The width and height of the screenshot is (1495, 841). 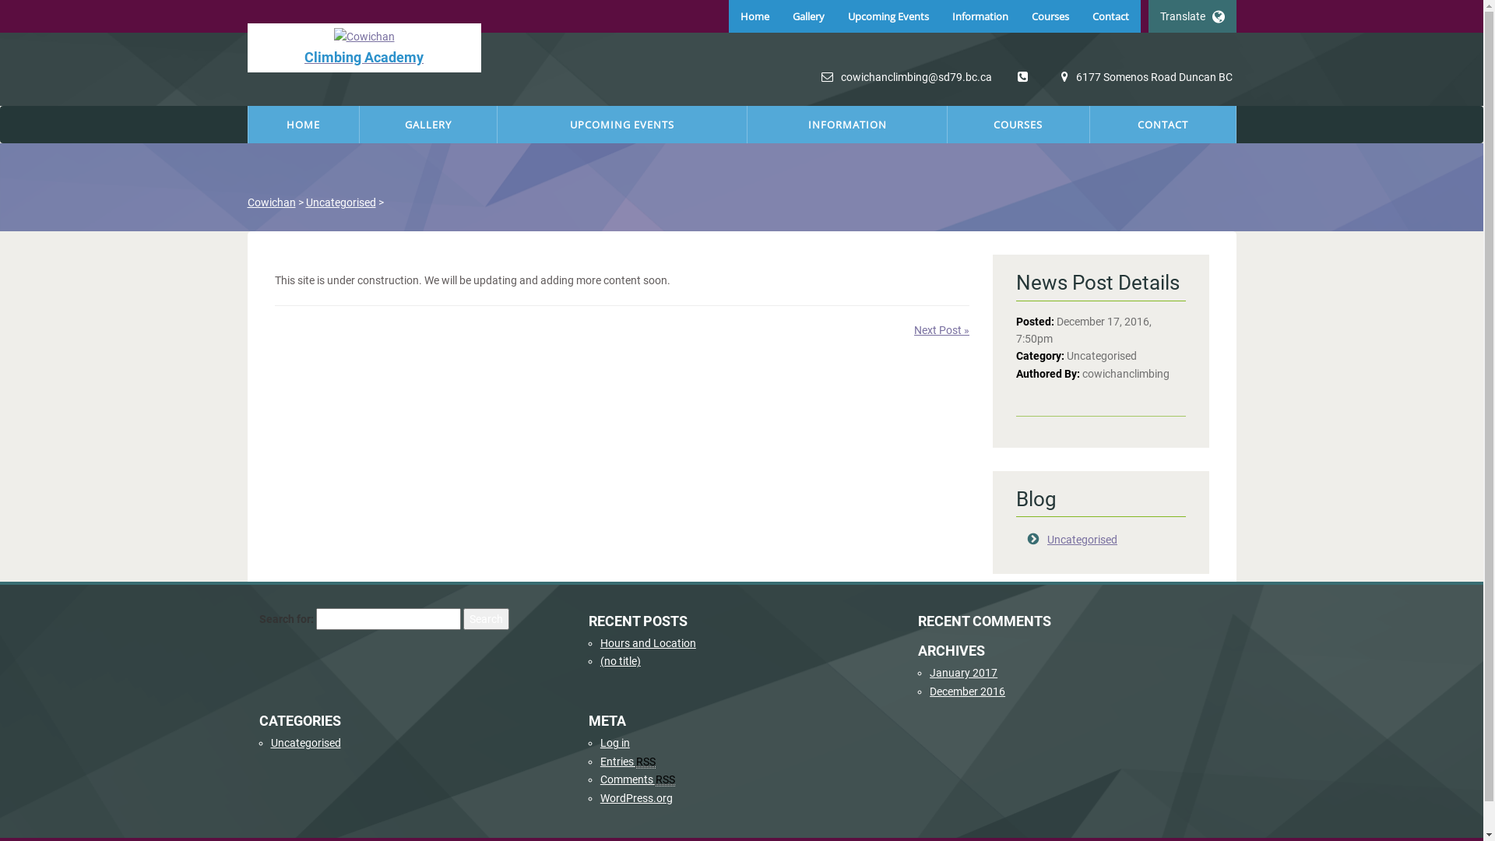 I want to click on 'Contact', so click(x=1110, y=16).